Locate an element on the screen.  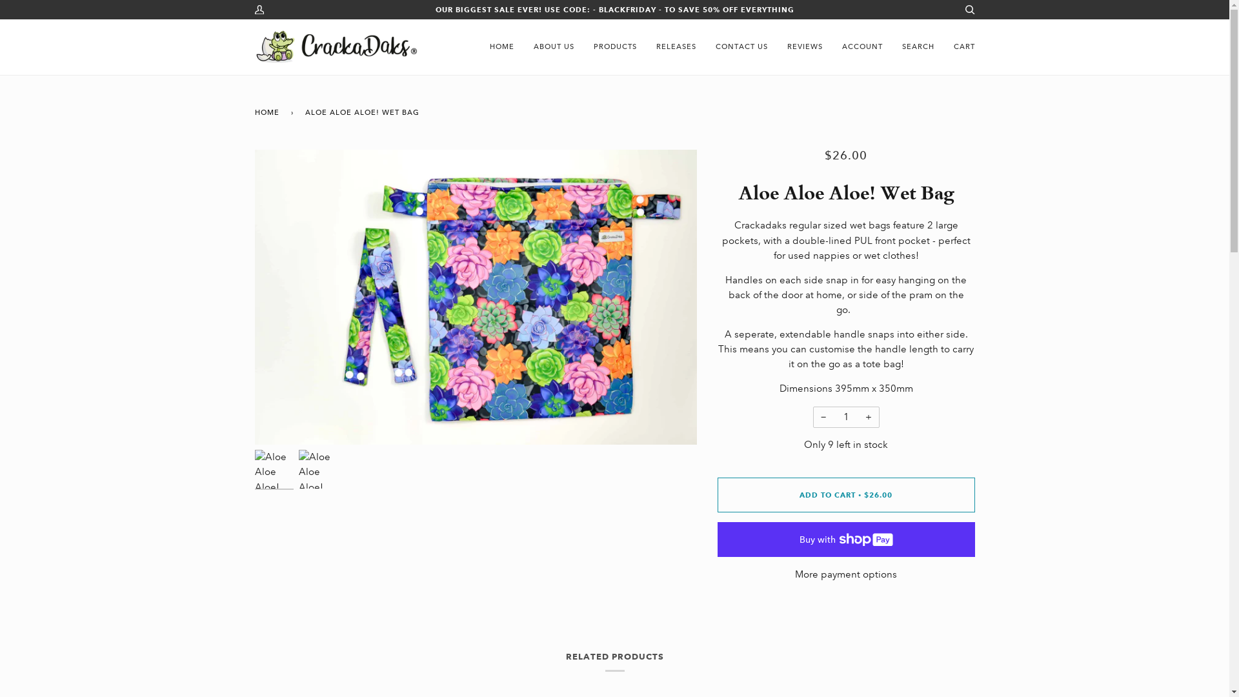
'CONTACT US' is located at coordinates (741, 46).